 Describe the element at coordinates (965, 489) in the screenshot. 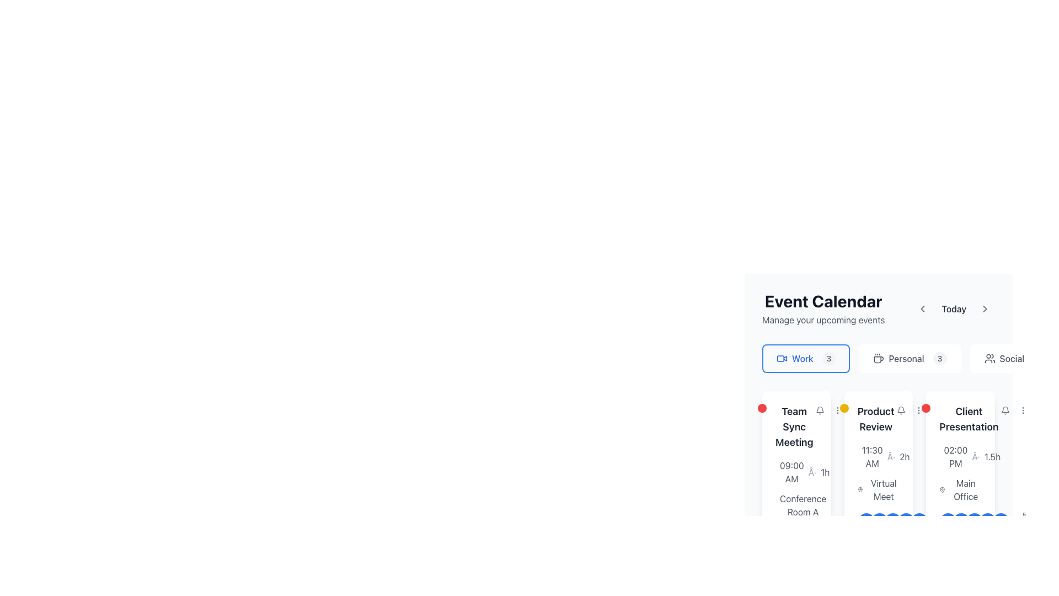

I see `the location label for the 'Client Presentation' event, which is positioned on the right side of the interface within its detail card` at that location.